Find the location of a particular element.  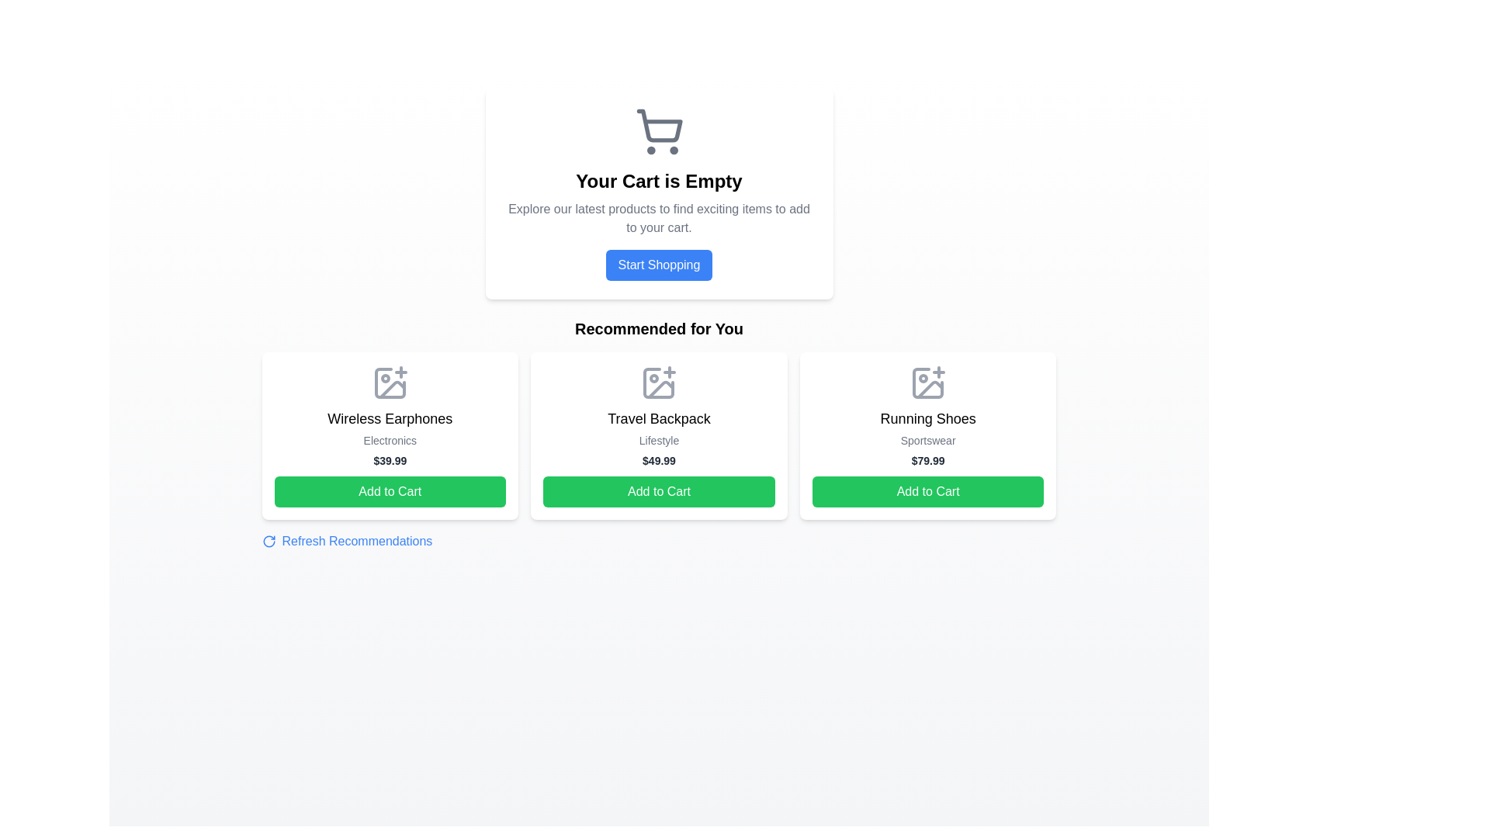

the shopping cart icon, which is a gray outline with rounded edges and two circular wheels, located at the top-center of a card above the 'Your Cart is Empty' text is located at coordinates (659, 130).